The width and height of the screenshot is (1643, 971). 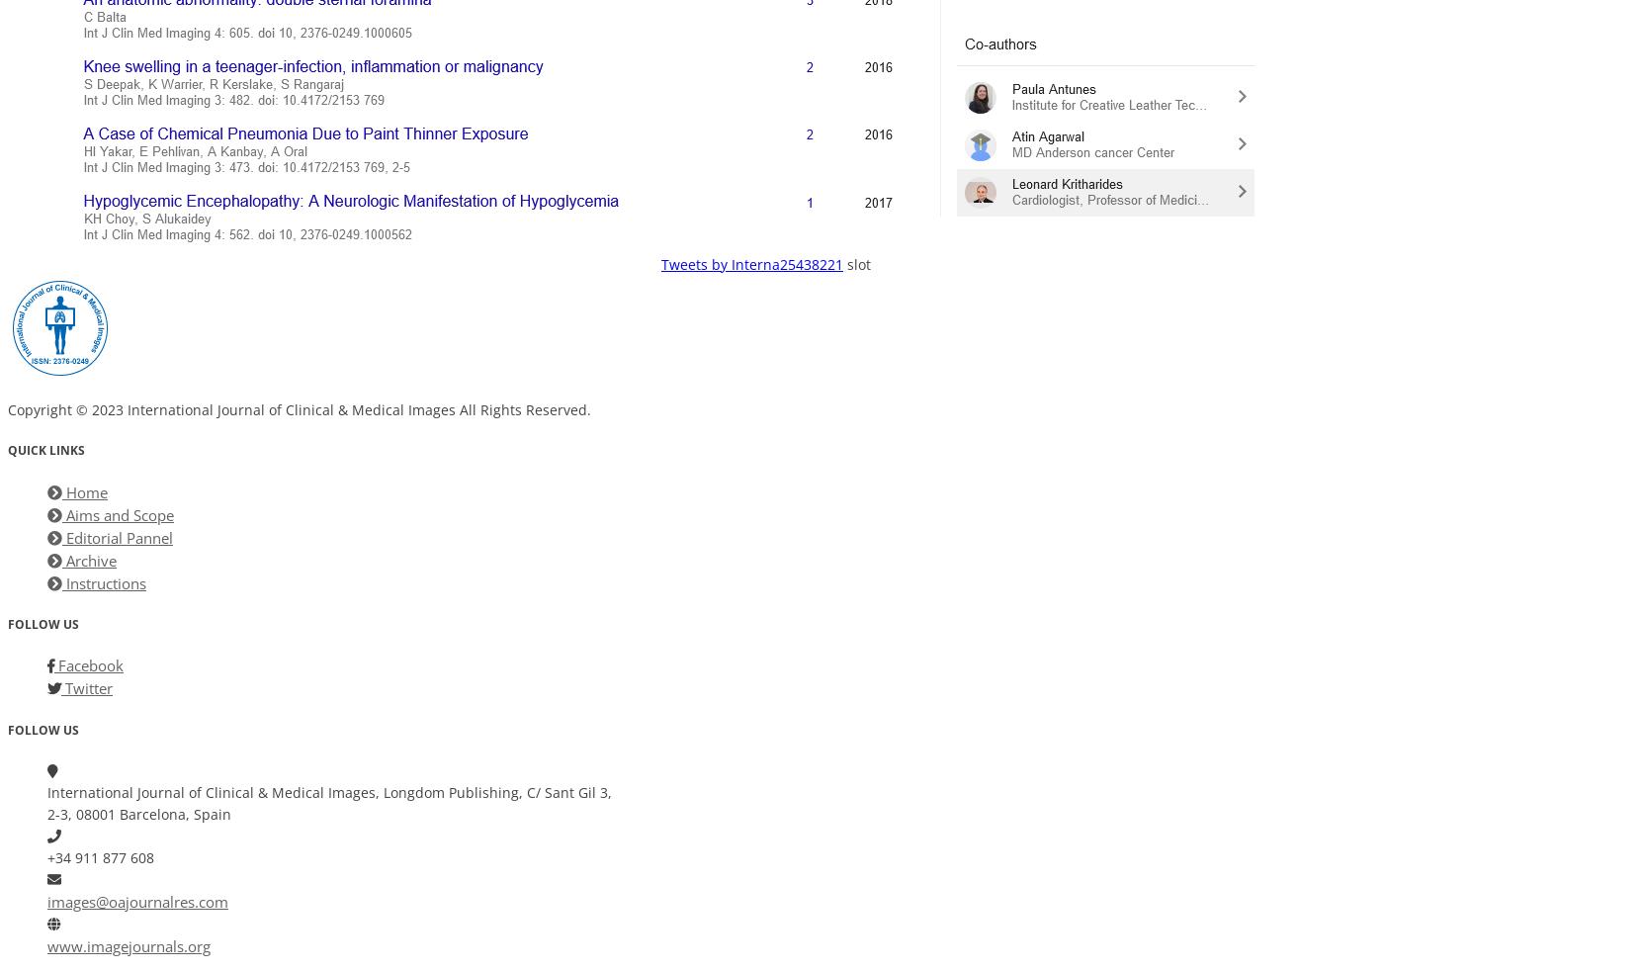 I want to click on 'Tweets by Interna25438221', so click(x=752, y=263).